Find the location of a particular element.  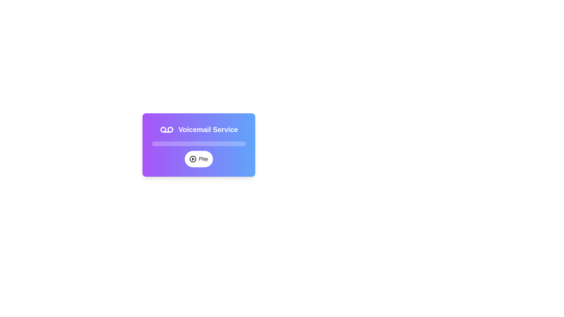

the voicemail playback button, which is centered horizontally below the progress bar within a gradient card transitioning from purple to blue is located at coordinates (199, 159).